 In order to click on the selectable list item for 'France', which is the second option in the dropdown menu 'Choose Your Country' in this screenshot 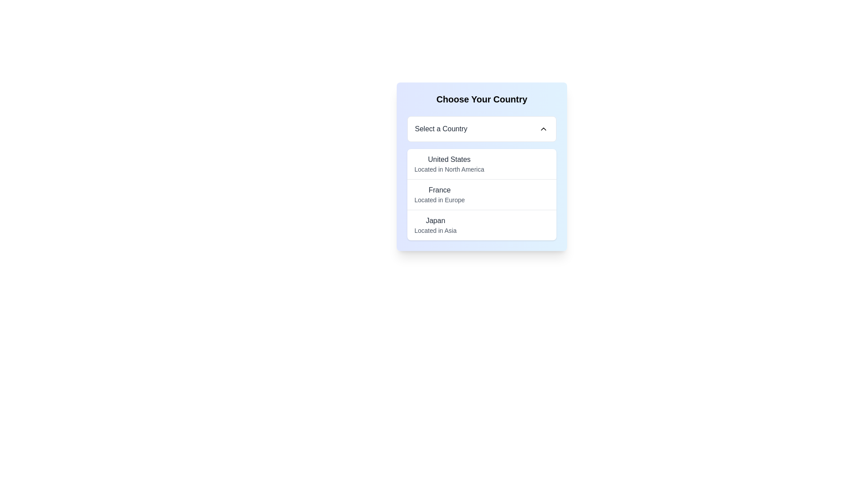, I will do `click(439, 194)`.